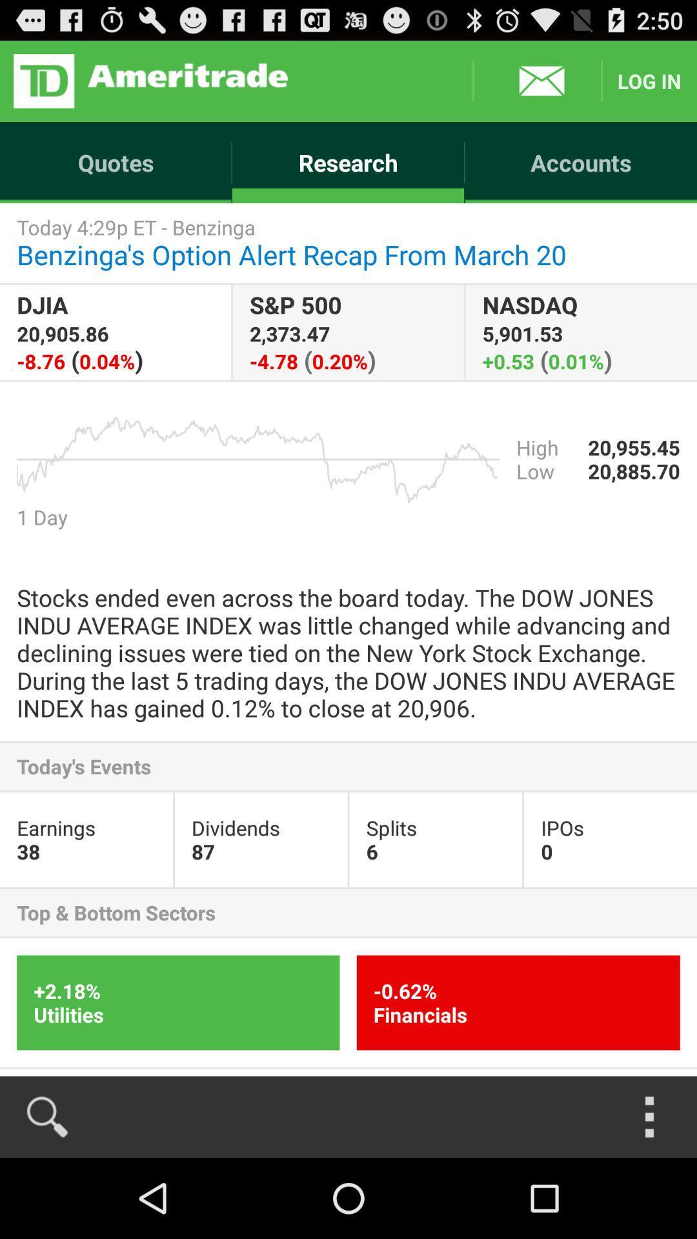 The height and width of the screenshot is (1239, 697). What do you see at coordinates (649, 80) in the screenshot?
I see `log in item` at bounding box center [649, 80].